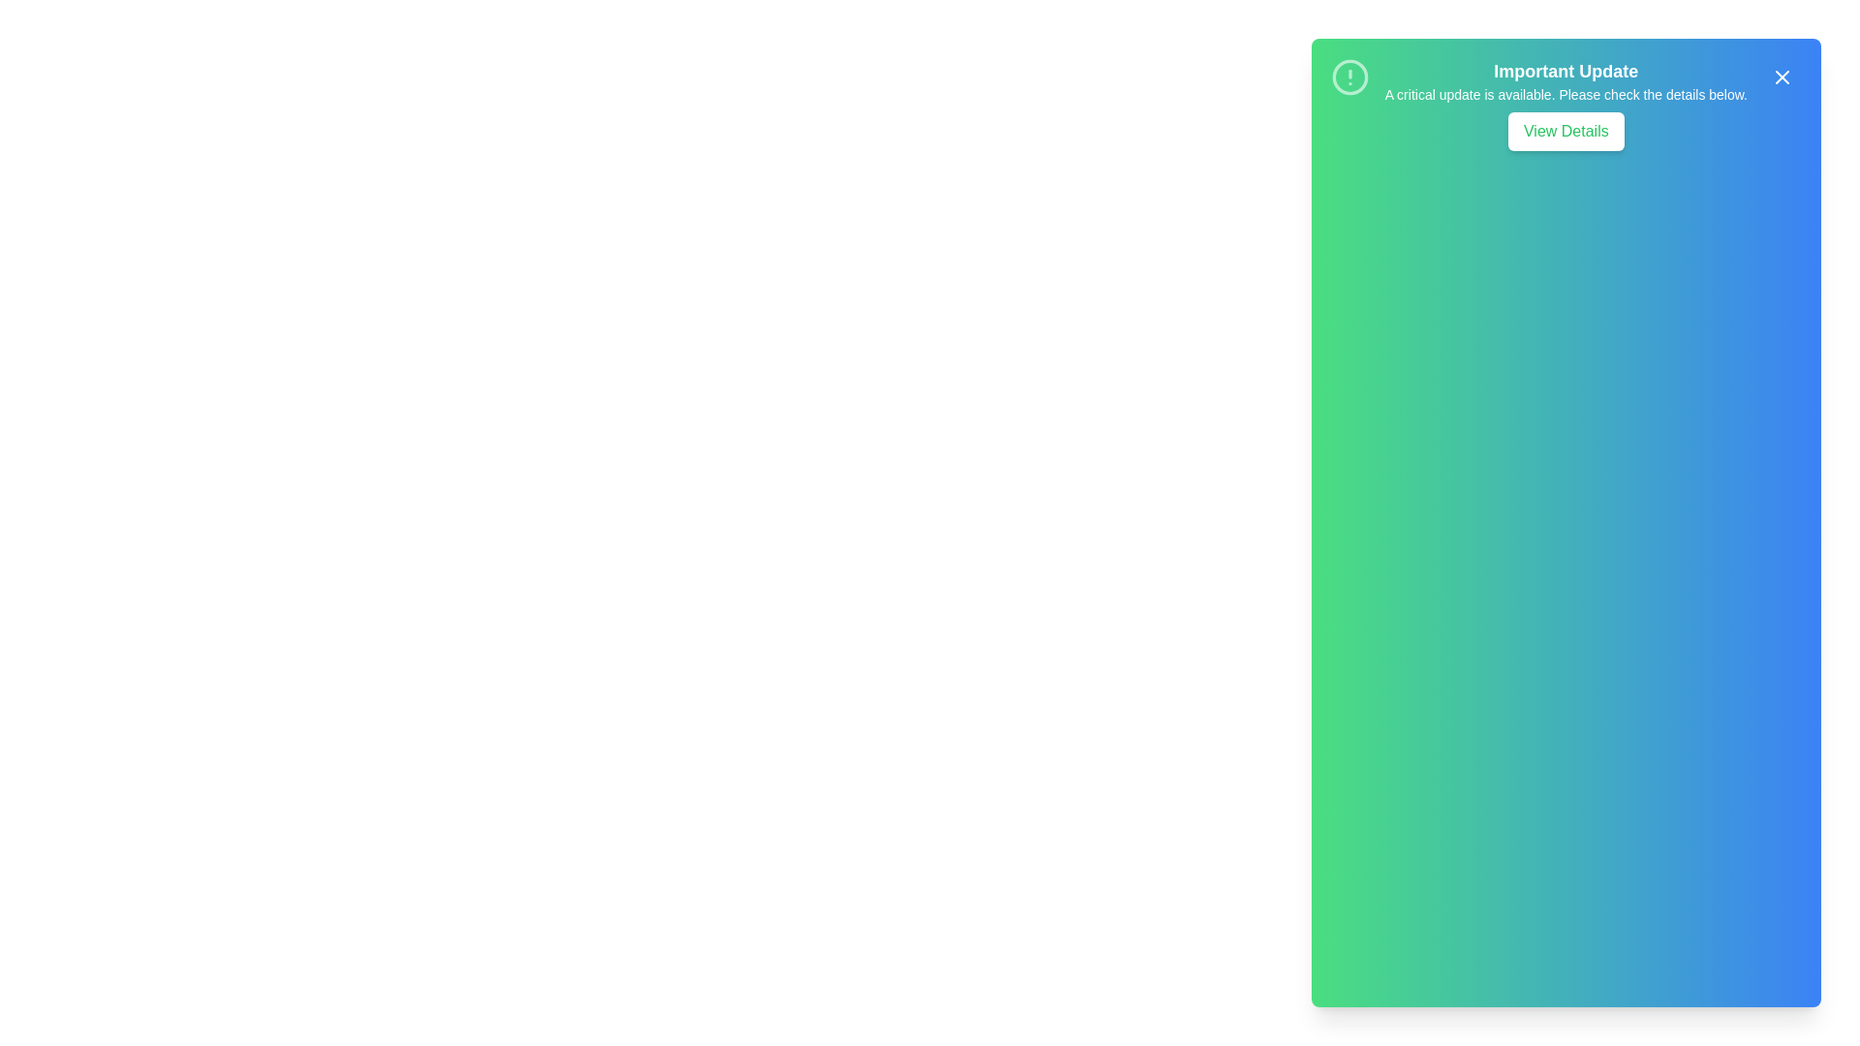 Image resolution: width=1860 pixels, height=1046 pixels. Describe the element at coordinates (1782, 77) in the screenshot. I see `the close button (X icon) in the top-right corner of the snackbar to dismiss it` at that location.